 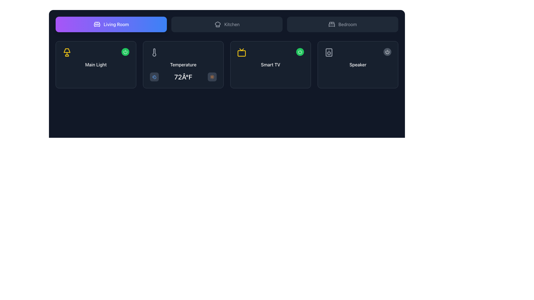 I want to click on the 'Living Room' button, which is a stylized rectangular tab featuring a gradient from purple to blue, located in the upper left area of the interface, so click(x=111, y=24).